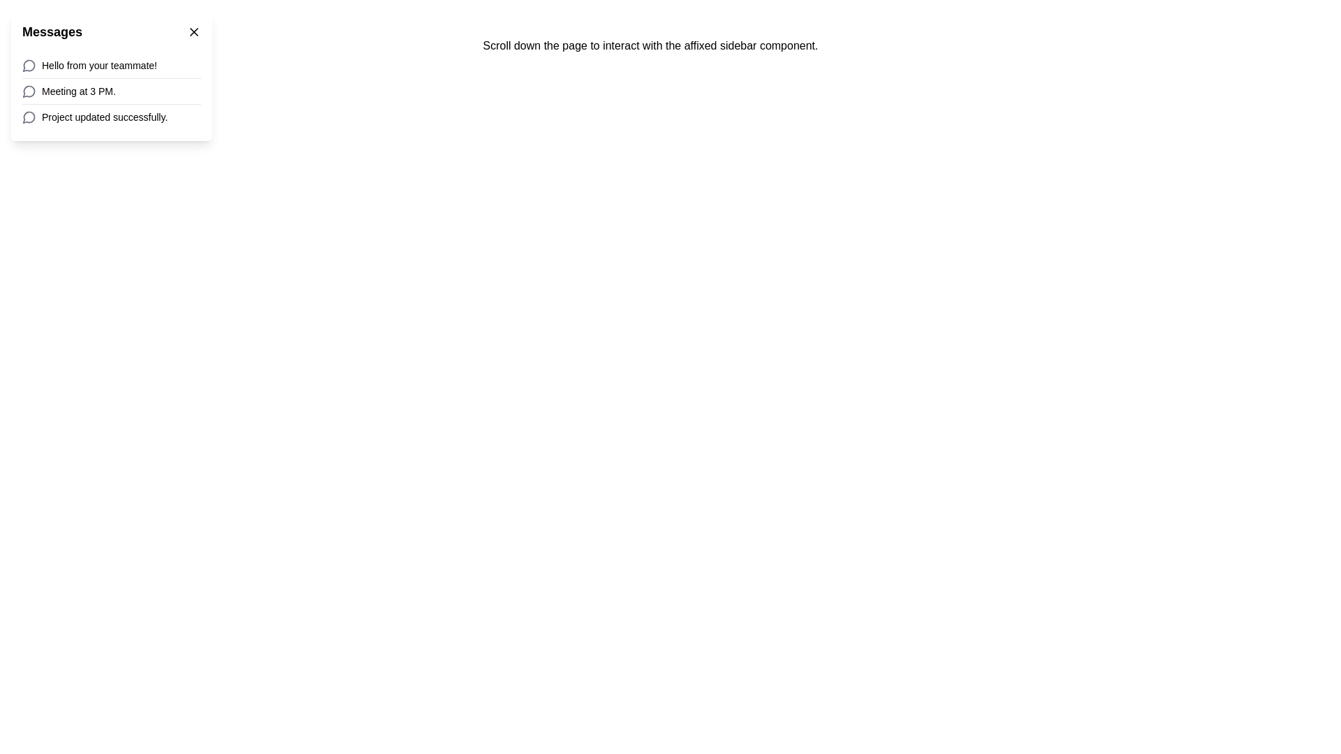 The height and width of the screenshot is (754, 1341). Describe the element at coordinates (29, 117) in the screenshot. I see `the circular speech bubble icon outlined with gray and filled with white, which indicates 'Project updated successfully.'` at that location.